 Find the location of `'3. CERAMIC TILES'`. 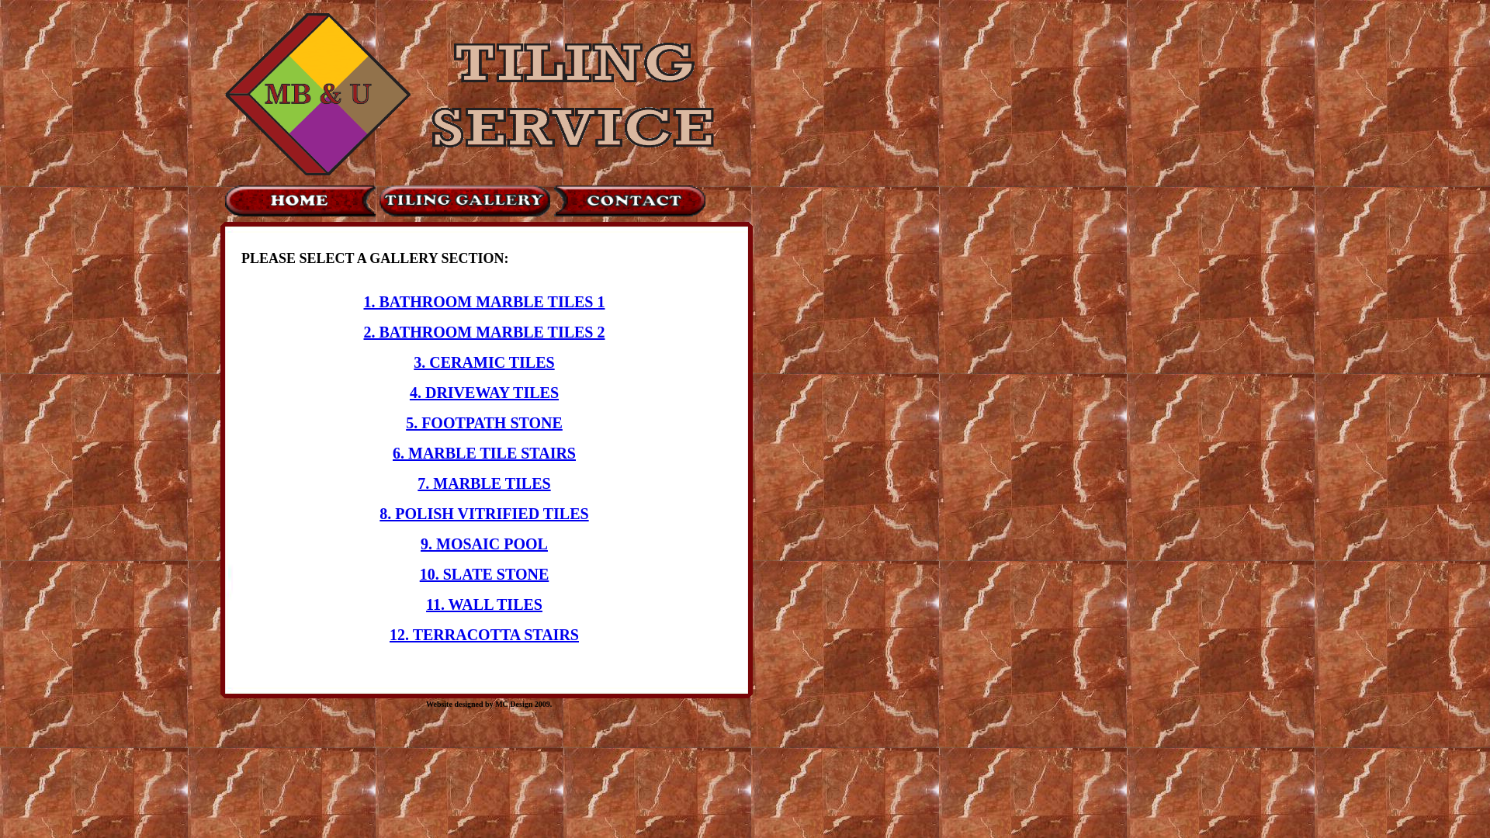

'3. CERAMIC TILES' is located at coordinates (413, 362).